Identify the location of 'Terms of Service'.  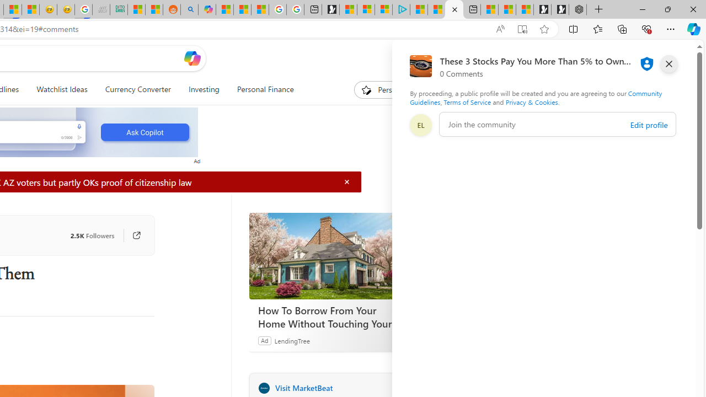
(467, 102).